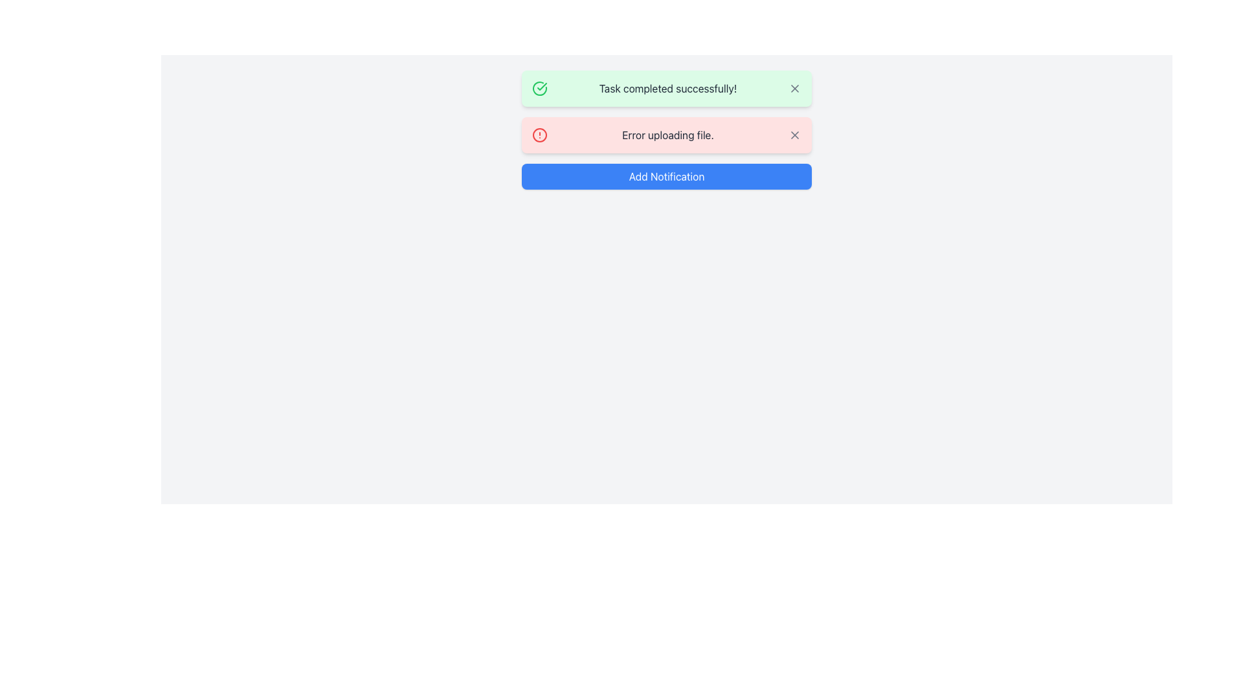  What do you see at coordinates (542, 87) in the screenshot?
I see `the small green checkmark icon indicating success, located at the center of the circular frame on the notification card titled 'Task completed successfully!'` at bounding box center [542, 87].